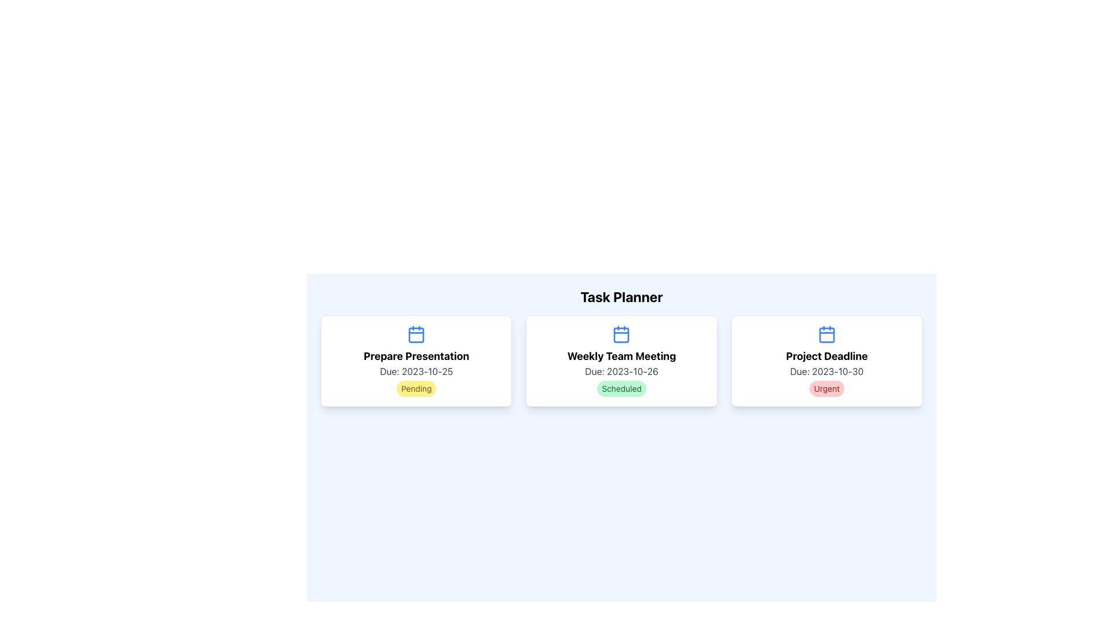  Describe the element at coordinates (621, 335) in the screenshot. I see `the details of the Decorative SVG Element, which is a blue rectangular icon resembling a calendar with rounded edges, located in the Task Planner section of the interface` at that location.